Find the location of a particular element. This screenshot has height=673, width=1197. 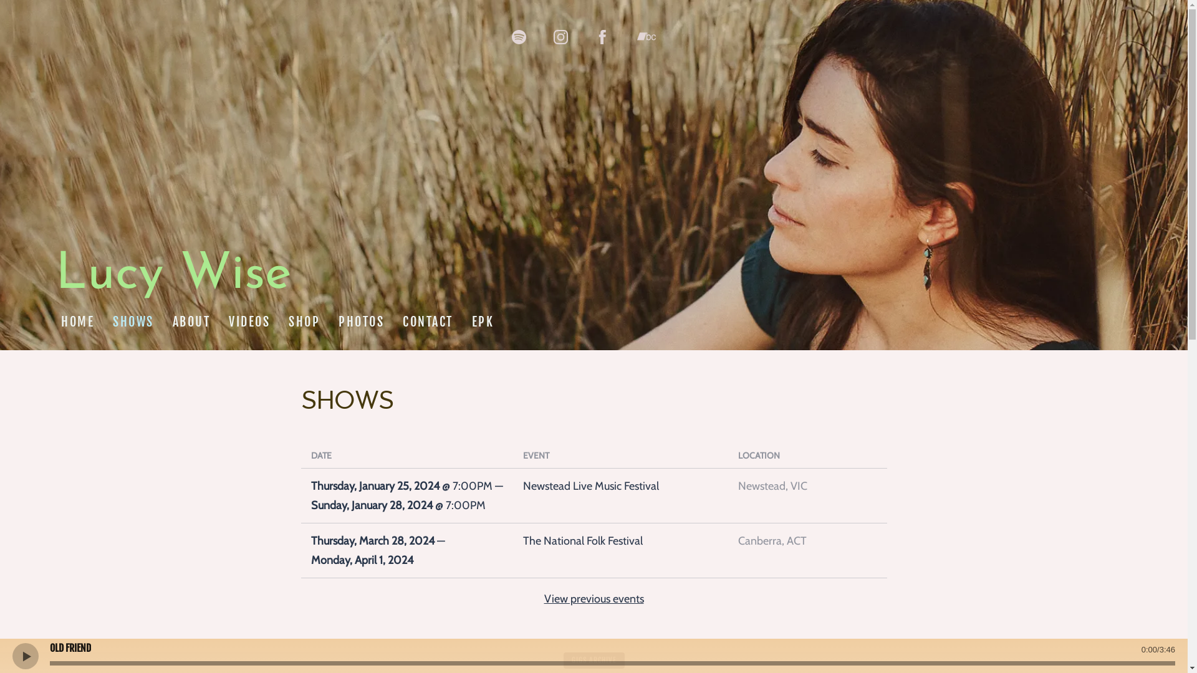

'HOME' is located at coordinates (77, 321).